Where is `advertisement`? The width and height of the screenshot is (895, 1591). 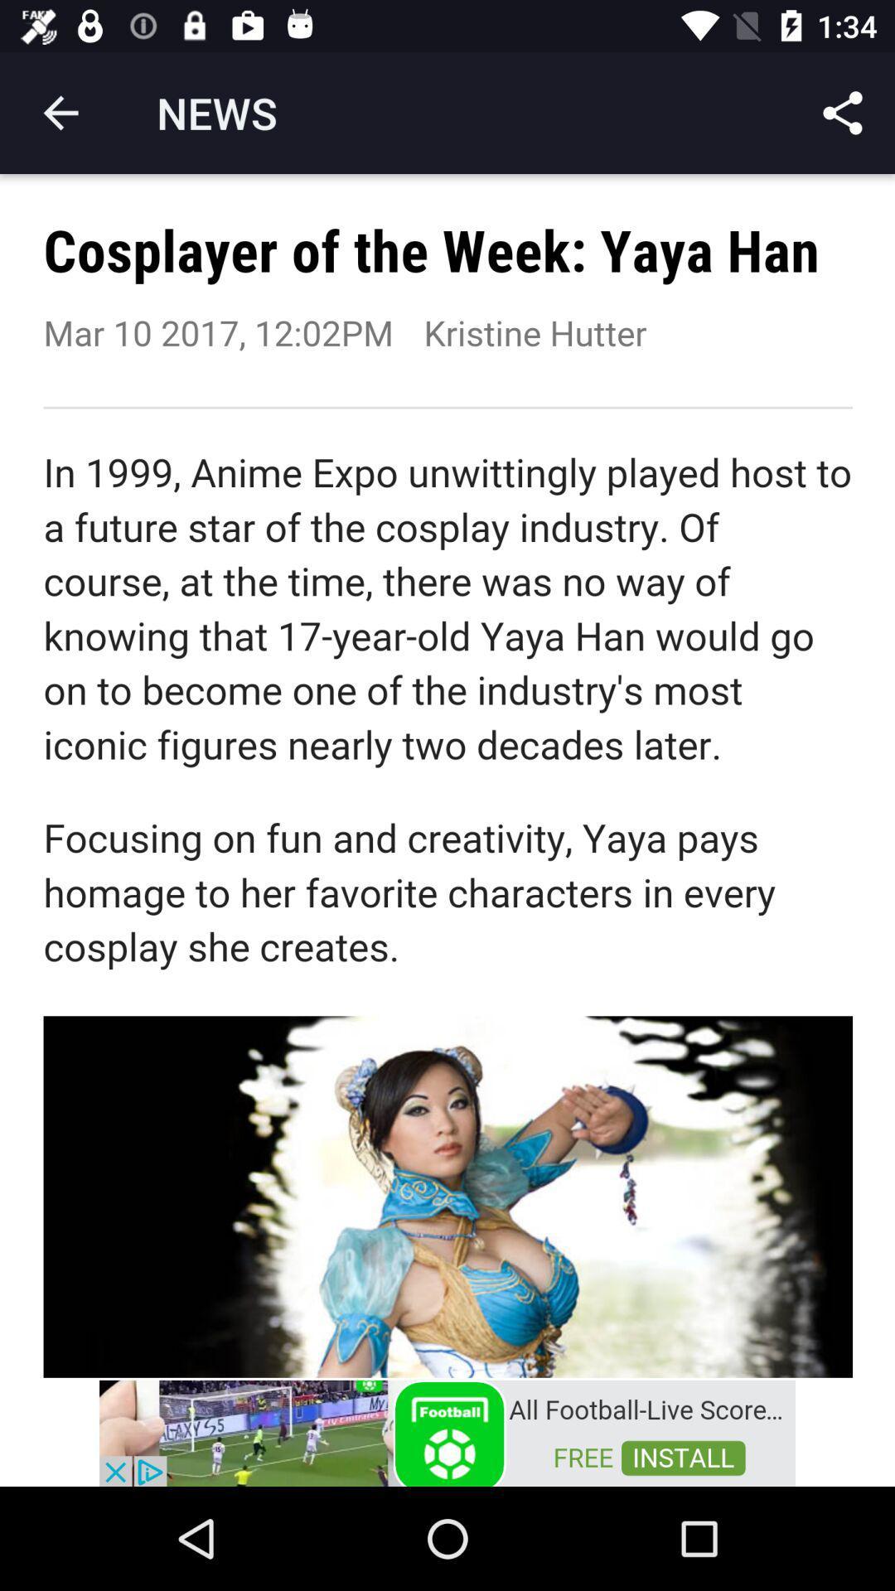 advertisement is located at coordinates (447, 1431).